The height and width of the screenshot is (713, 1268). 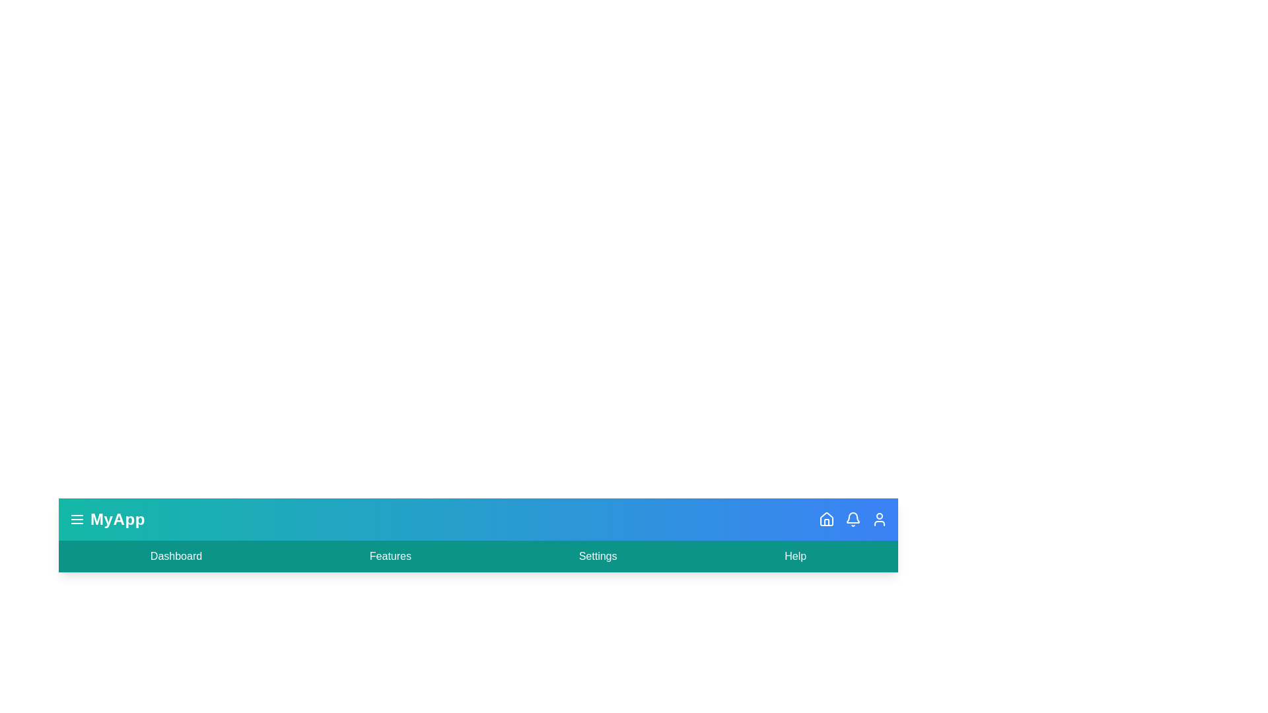 I want to click on the home icon to navigate to the home section, so click(x=826, y=518).